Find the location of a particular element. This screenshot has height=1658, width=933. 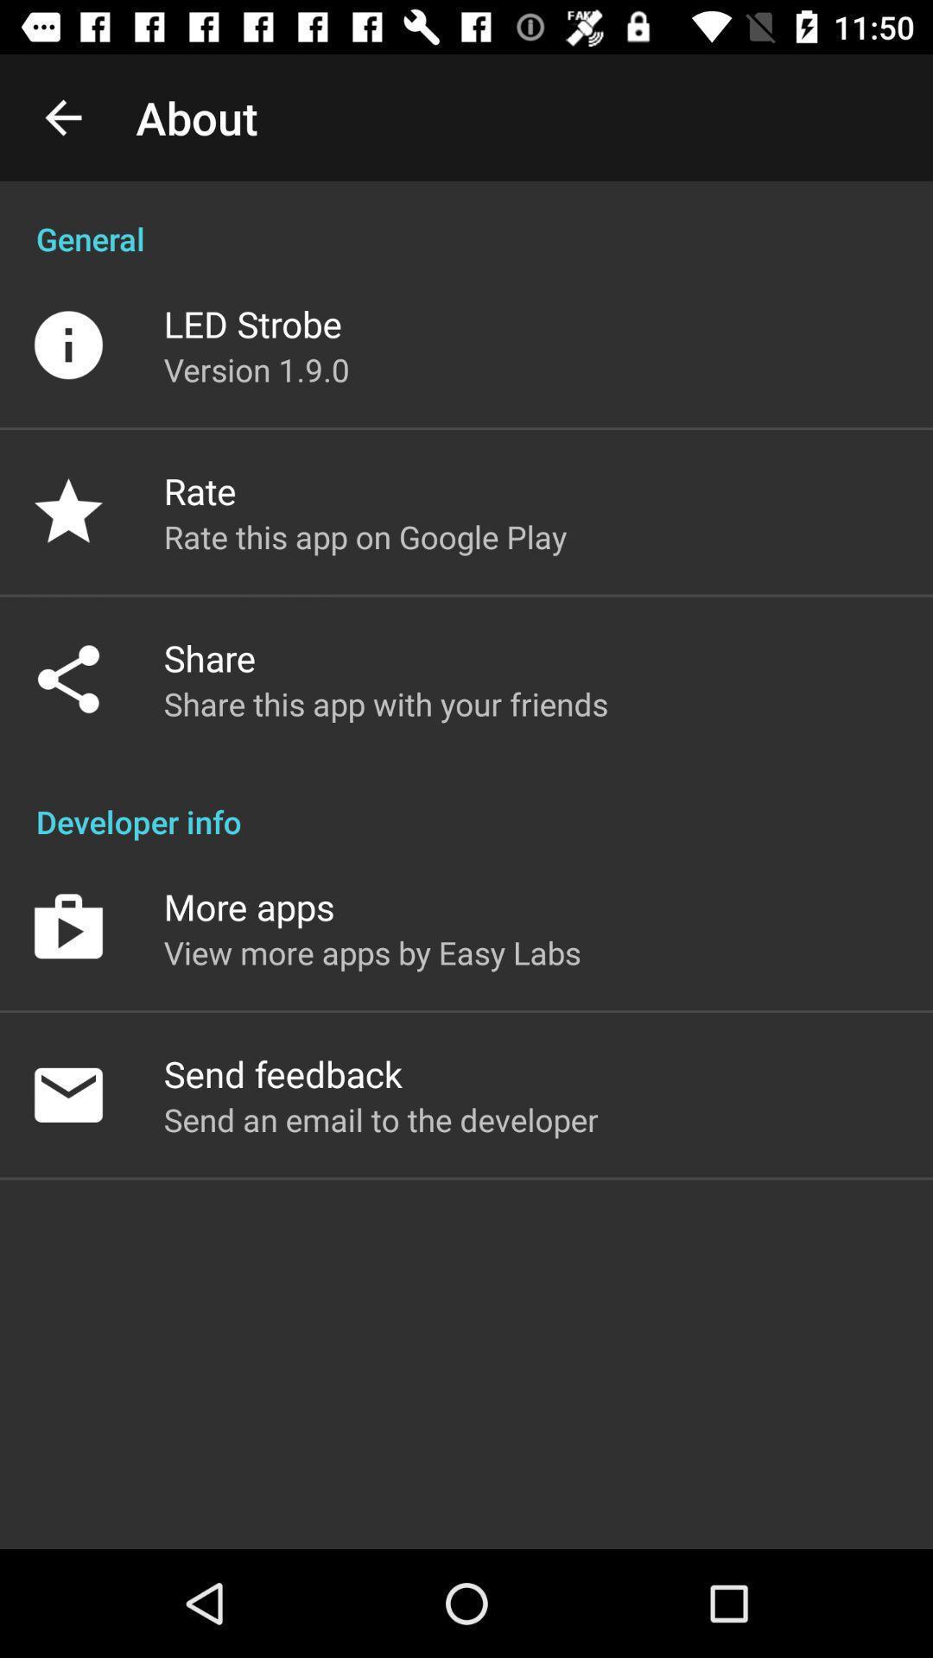

led strobe is located at coordinates (252, 323).